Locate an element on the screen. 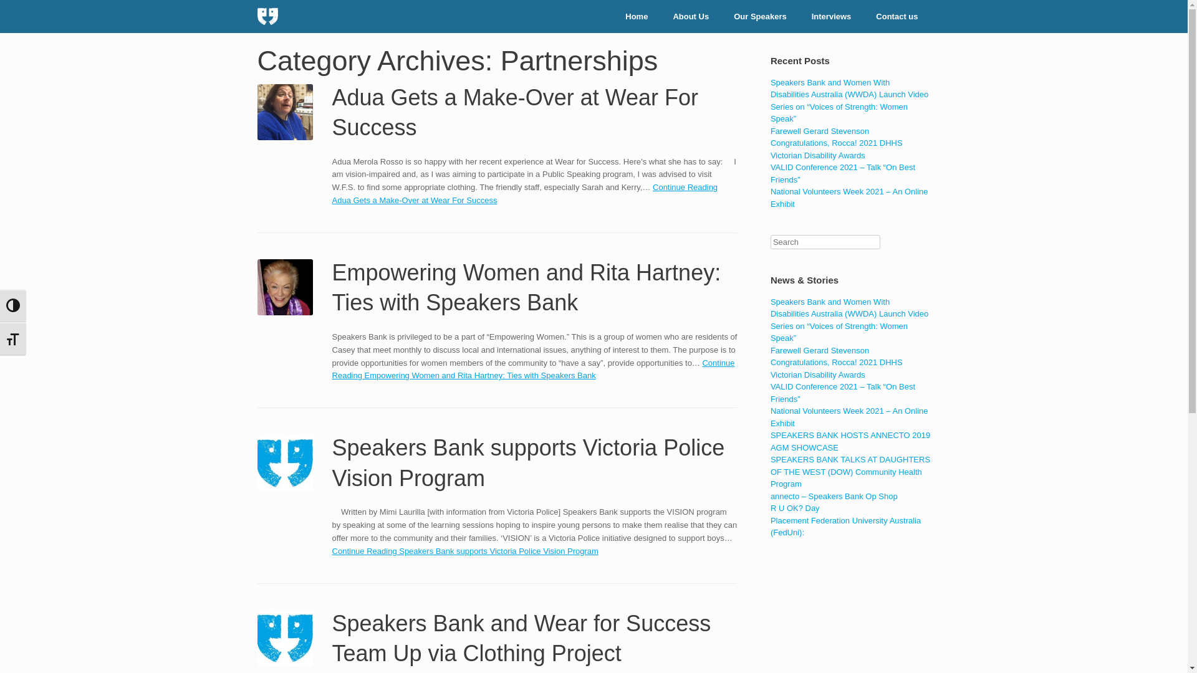 Image resolution: width=1197 pixels, height=673 pixels. 'Toggle High Contrast' is located at coordinates (12, 305).